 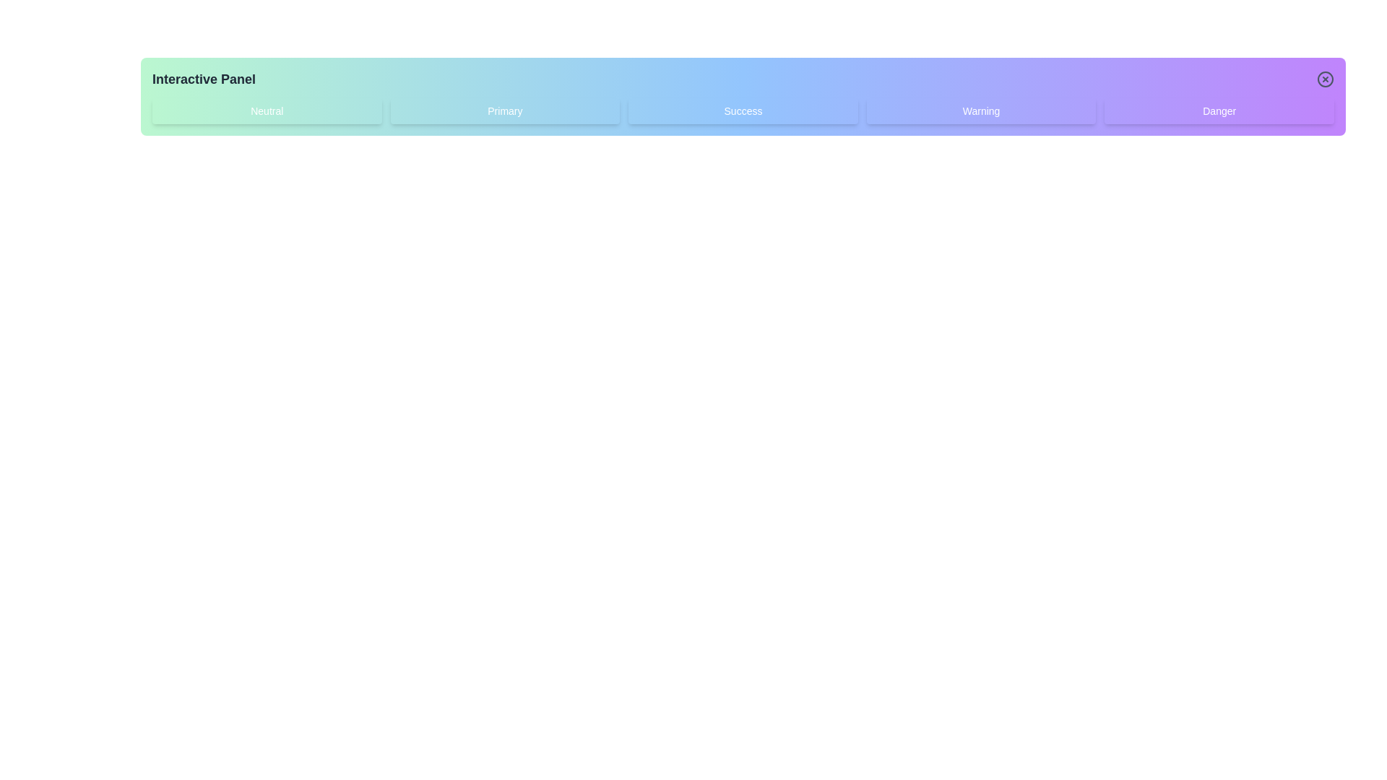 I want to click on the 'Success' button, which is the third button in a group of five horizontally aligned buttons, so click(x=743, y=110).